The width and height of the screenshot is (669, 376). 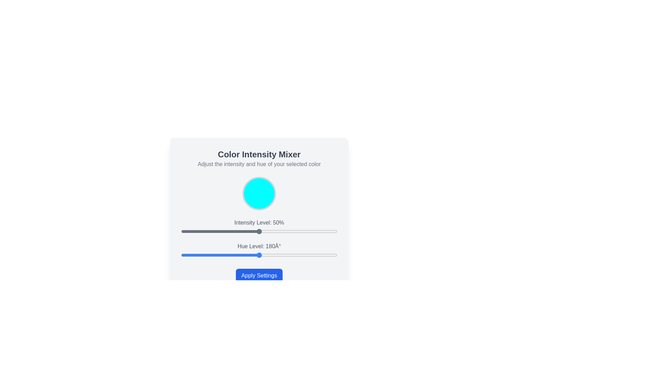 I want to click on the intensity level slider to 70%, so click(x=290, y=231).